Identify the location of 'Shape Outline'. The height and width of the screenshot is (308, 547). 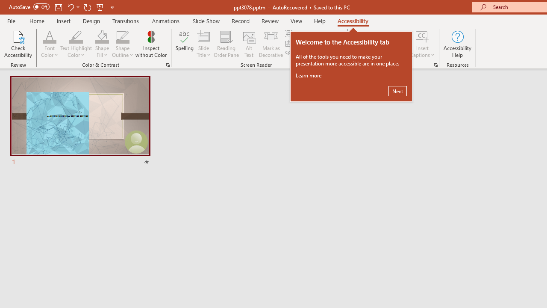
(122, 36).